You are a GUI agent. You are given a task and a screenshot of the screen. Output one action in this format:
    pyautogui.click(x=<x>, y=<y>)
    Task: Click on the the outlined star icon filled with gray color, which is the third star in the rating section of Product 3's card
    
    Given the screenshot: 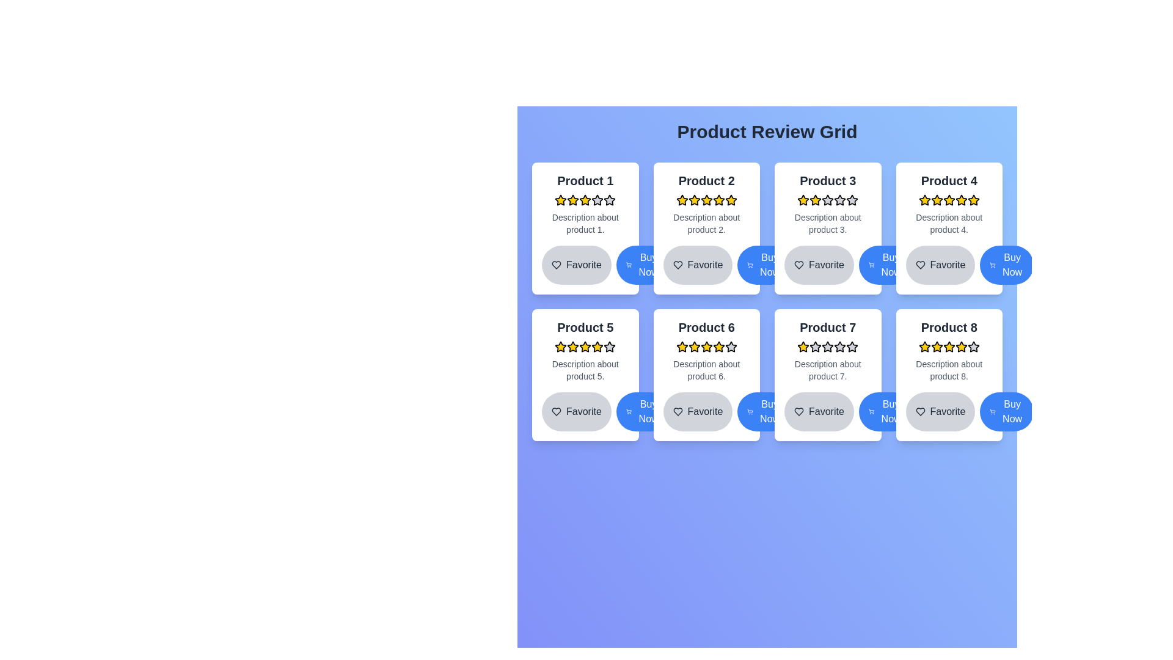 What is the action you would take?
    pyautogui.click(x=828, y=199)
    